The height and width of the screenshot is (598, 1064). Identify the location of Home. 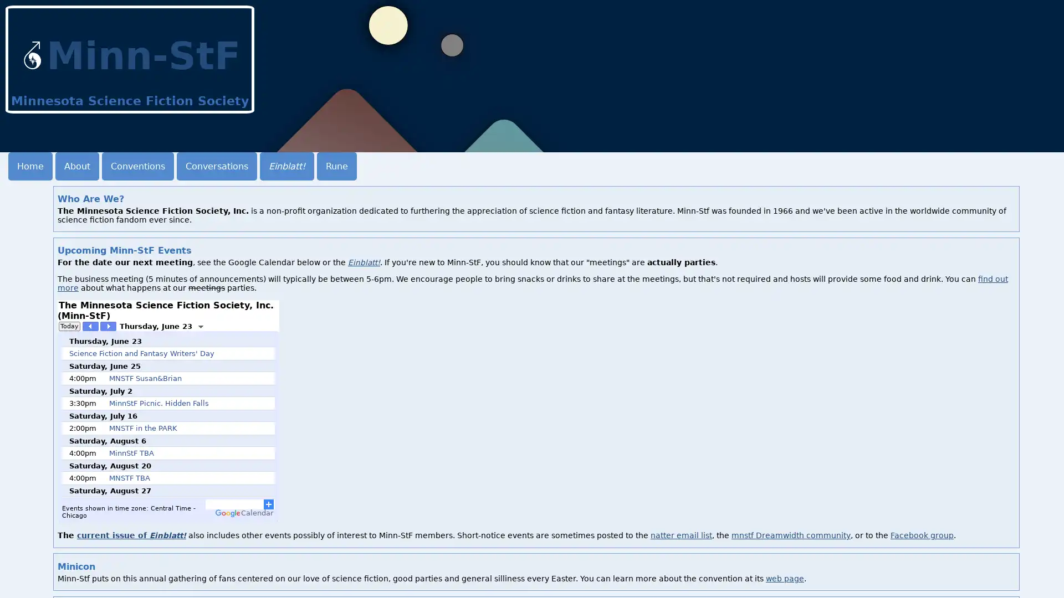
(30, 166).